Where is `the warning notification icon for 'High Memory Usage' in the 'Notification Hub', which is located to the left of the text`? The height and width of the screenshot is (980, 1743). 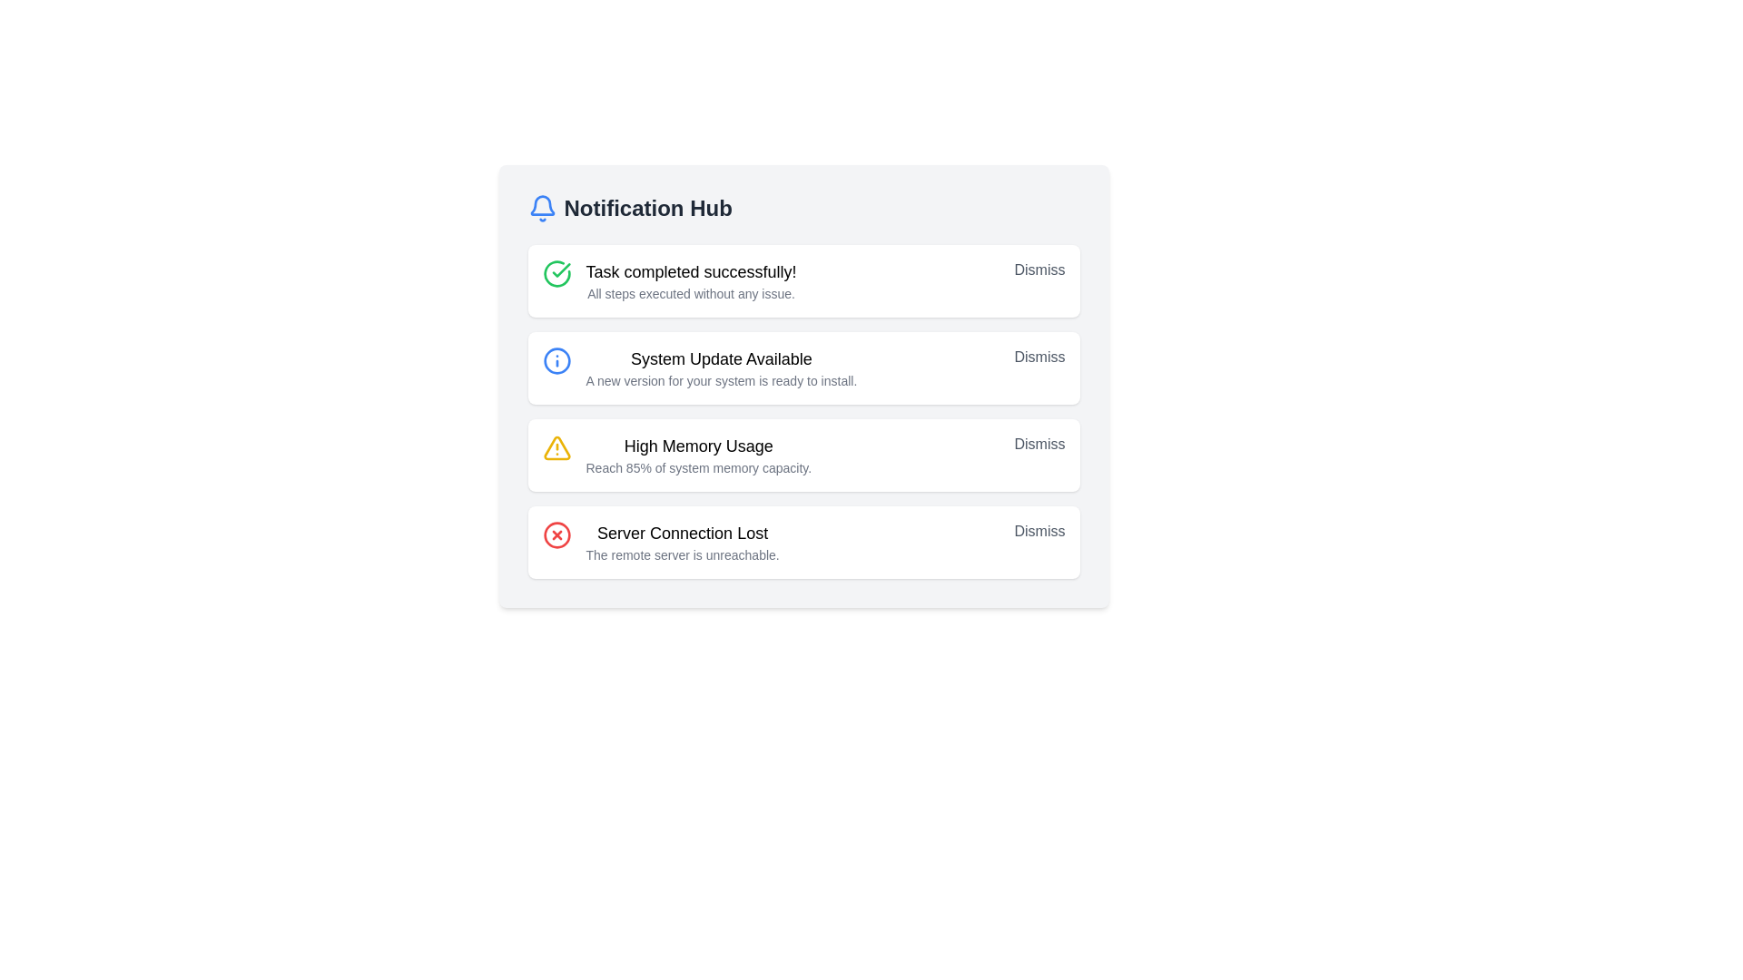 the warning notification icon for 'High Memory Usage' in the 'Notification Hub', which is located to the left of the text is located at coordinates (556, 447).